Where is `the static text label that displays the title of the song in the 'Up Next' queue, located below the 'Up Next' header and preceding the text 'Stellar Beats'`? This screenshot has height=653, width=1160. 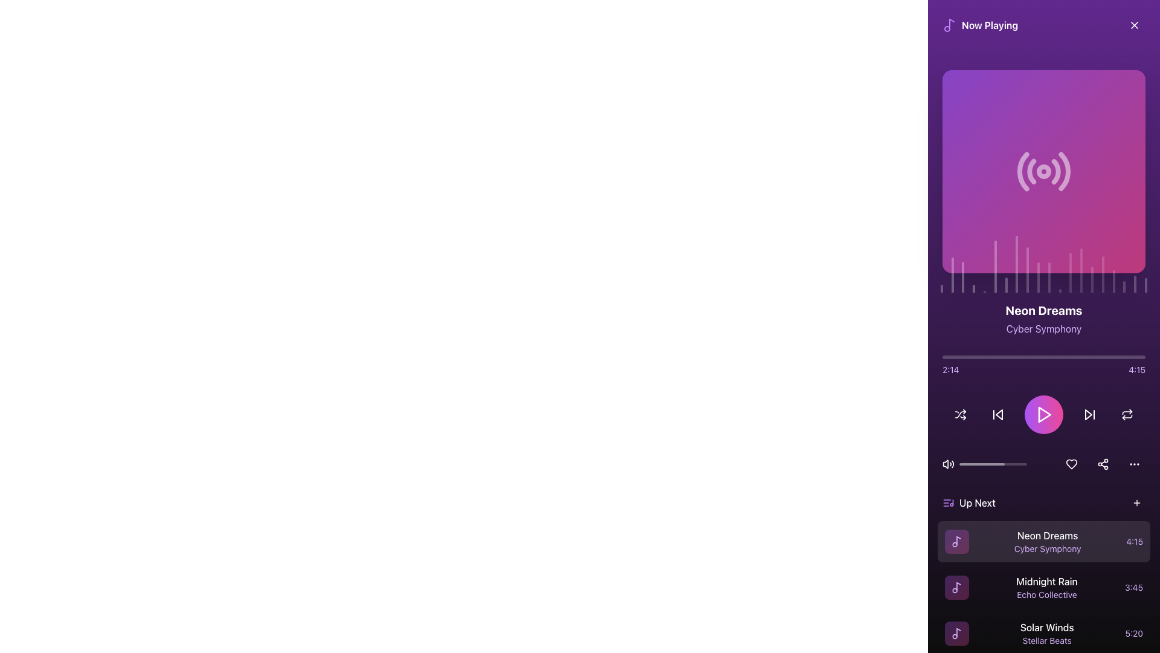 the static text label that displays the title of the song in the 'Up Next' queue, located below the 'Up Next' header and preceding the text 'Stellar Beats' is located at coordinates (1046, 626).